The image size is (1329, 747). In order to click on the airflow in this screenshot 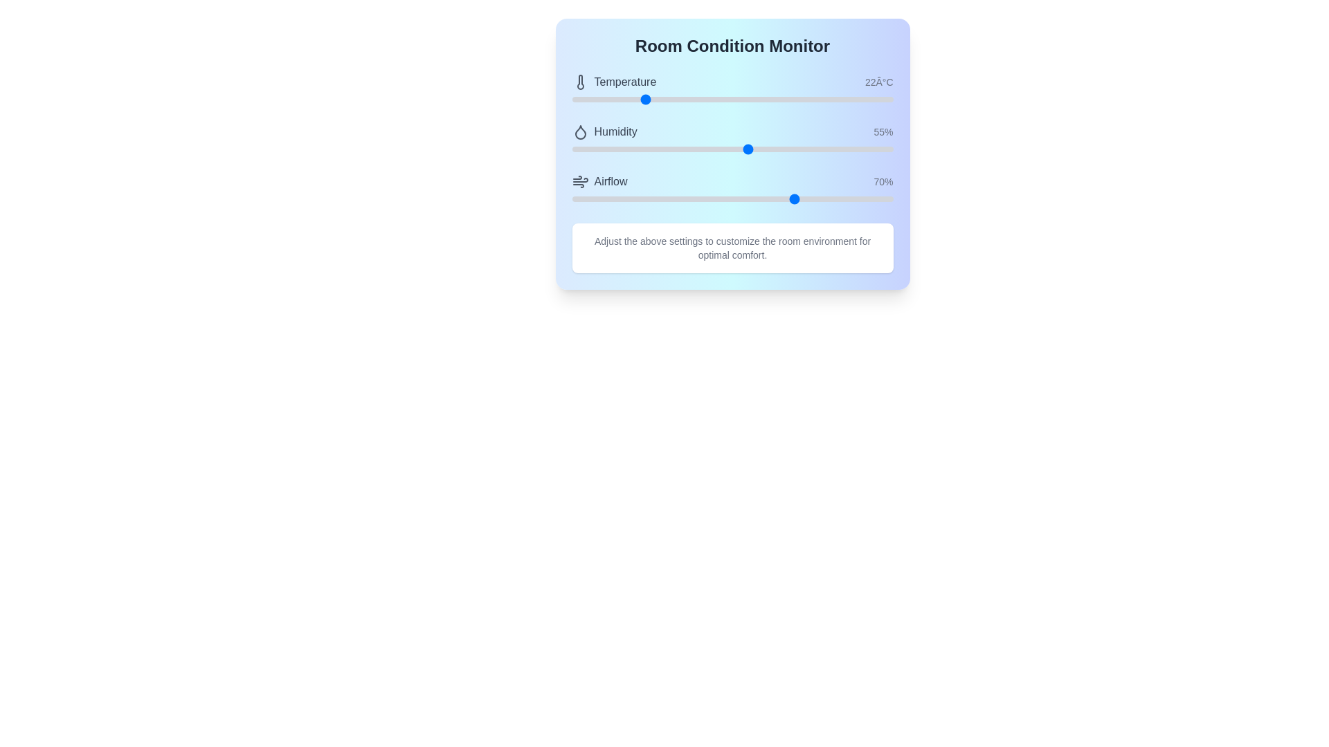, I will do `click(638, 199)`.